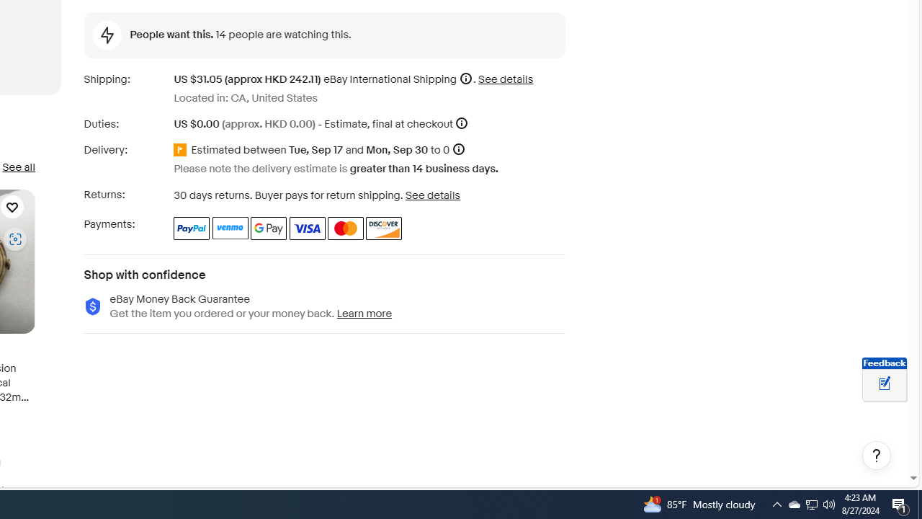 The image size is (922, 519). Describe the element at coordinates (431, 195) in the screenshot. I see `'See details - for more information about returns'` at that location.